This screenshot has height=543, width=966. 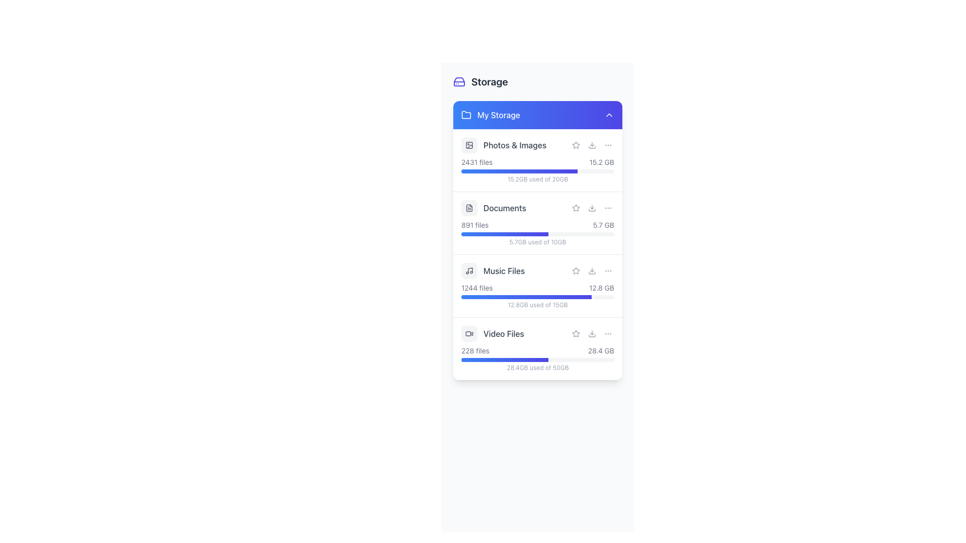 I want to click on the progress bar segment indicating utilized storage space for video files, located in the fourth section of the 'Storage' list, so click(x=505, y=359).